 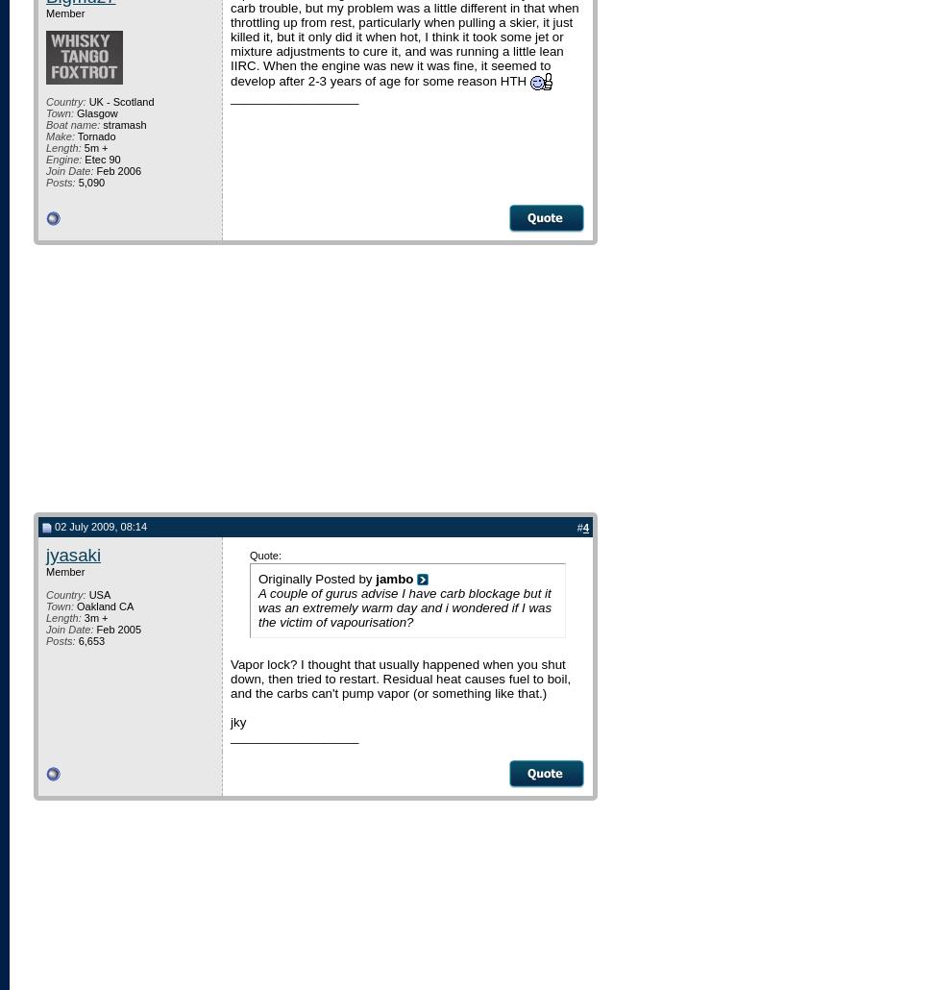 What do you see at coordinates (264, 555) in the screenshot?
I see `'Quote:'` at bounding box center [264, 555].